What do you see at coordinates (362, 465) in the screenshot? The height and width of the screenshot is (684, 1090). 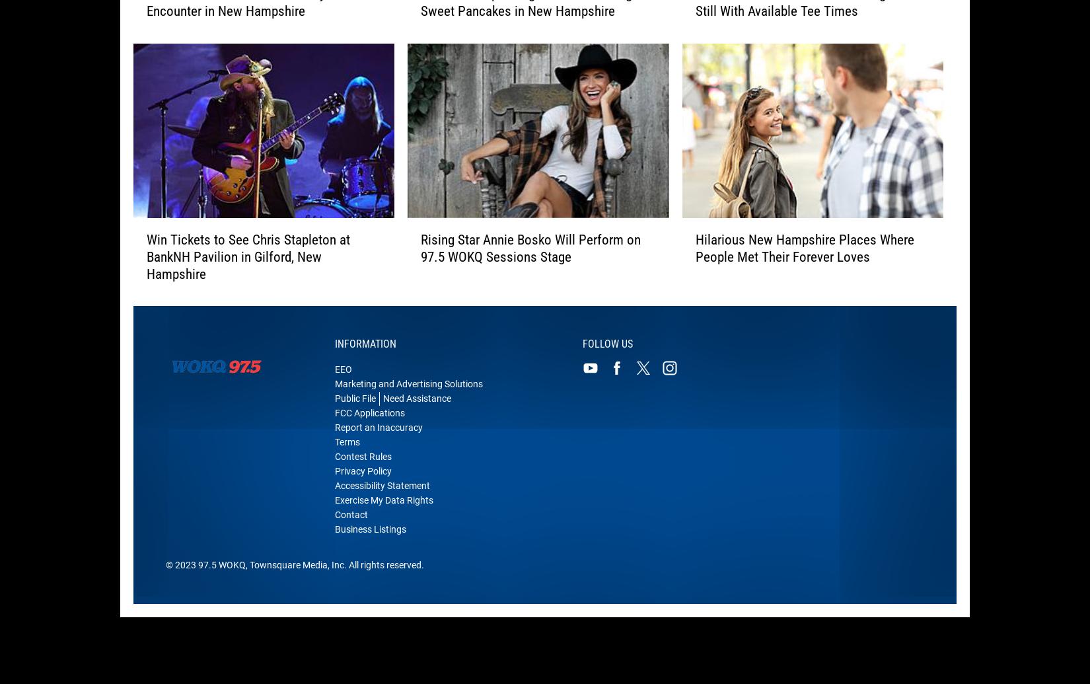 I see `'Contest Rules'` at bounding box center [362, 465].